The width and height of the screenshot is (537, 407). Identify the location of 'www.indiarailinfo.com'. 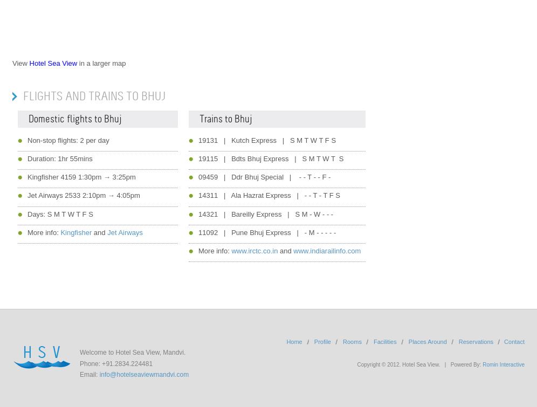
(327, 250).